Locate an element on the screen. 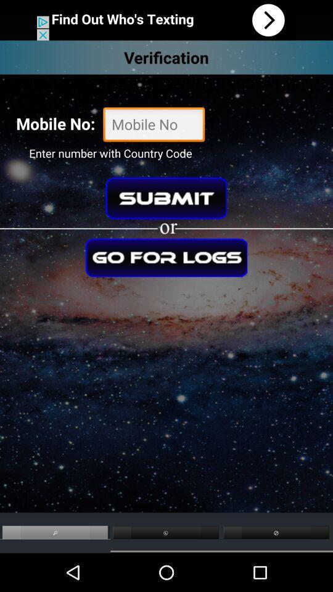 The width and height of the screenshot is (333, 592). submit button is located at coordinates (166, 198).